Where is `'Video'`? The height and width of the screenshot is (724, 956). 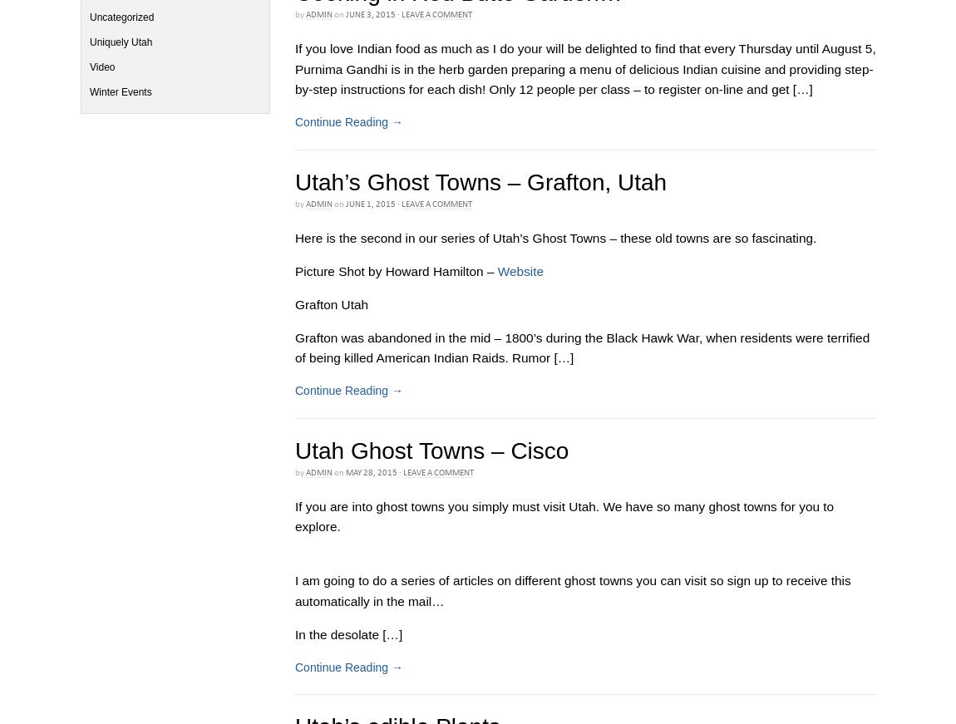
'Video' is located at coordinates (101, 66).